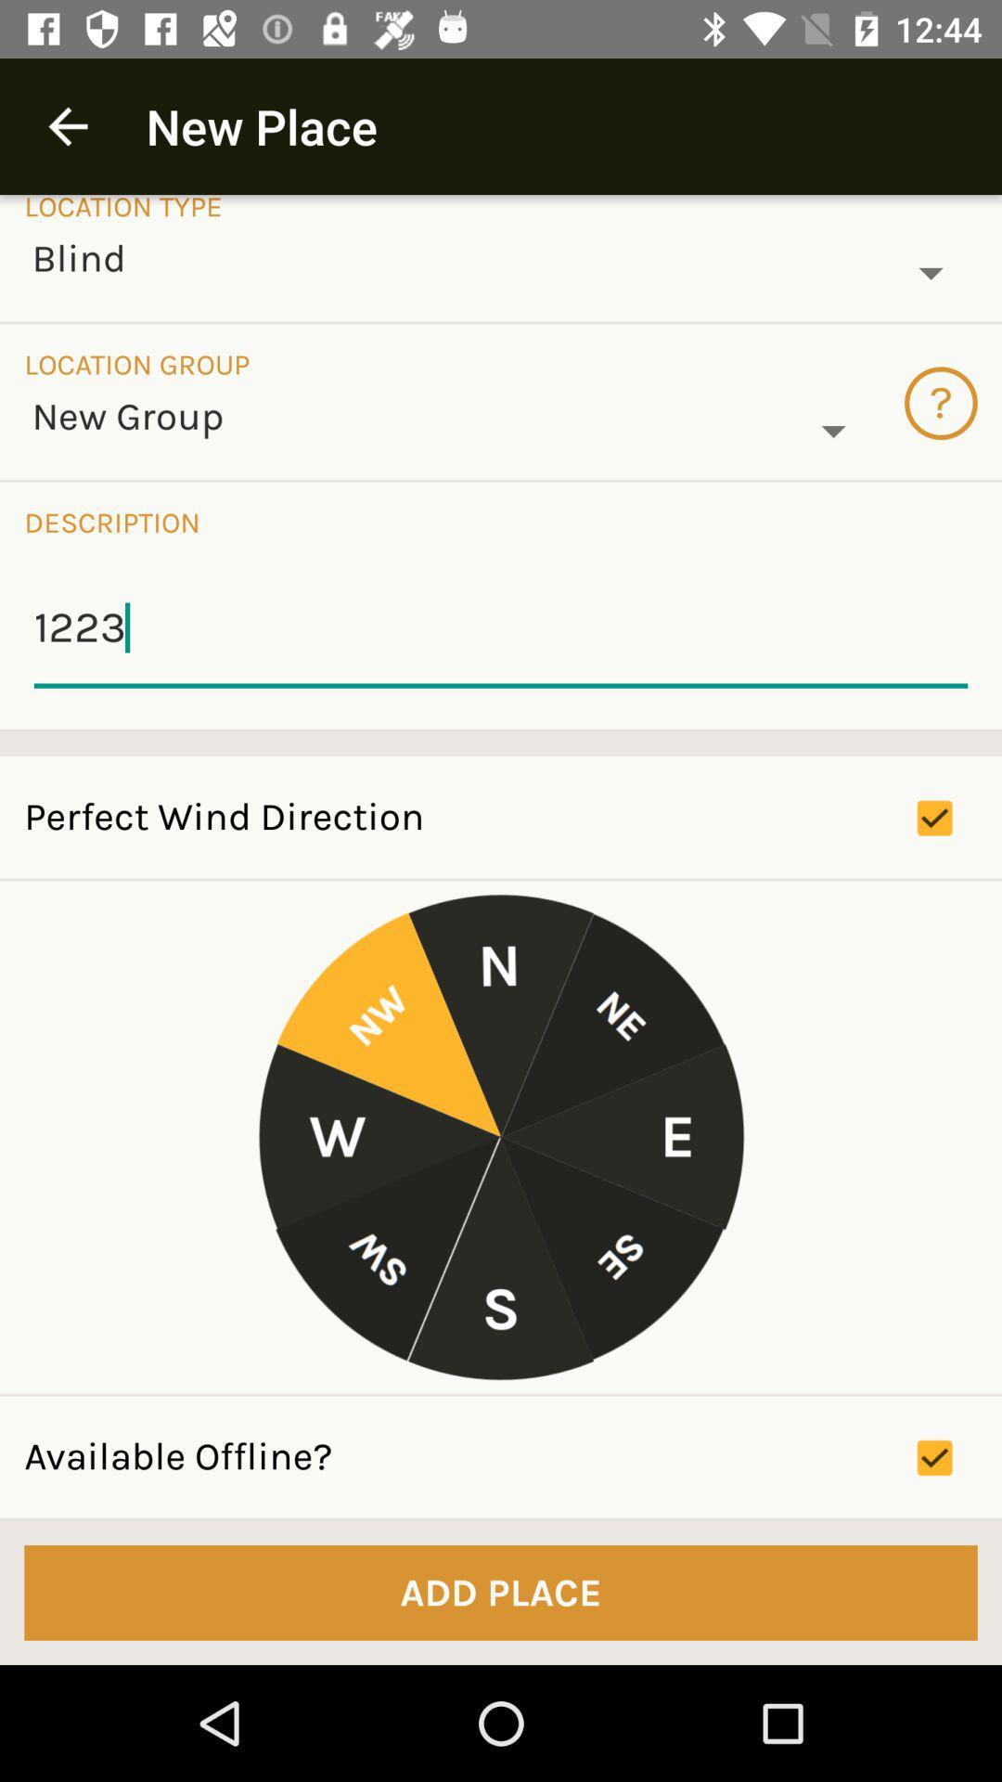 This screenshot has height=1782, width=1002. I want to click on the check box right to perfect wind direction, so click(958, 818).